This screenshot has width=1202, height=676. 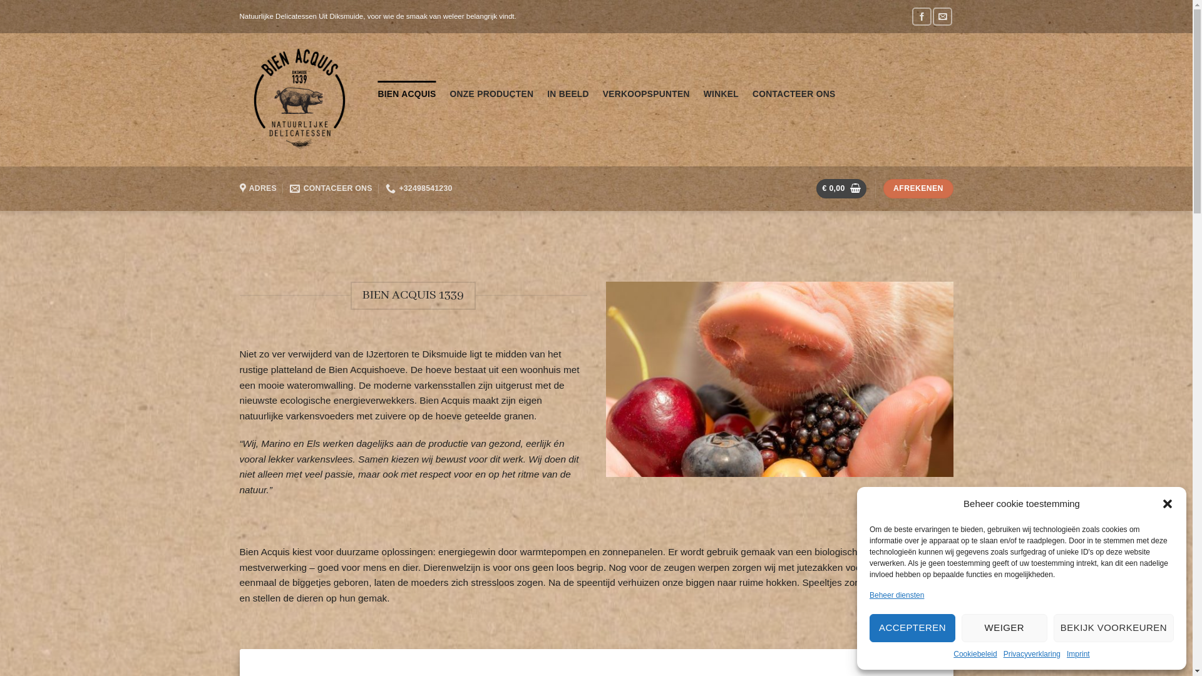 What do you see at coordinates (961, 628) in the screenshot?
I see `'WEIGER'` at bounding box center [961, 628].